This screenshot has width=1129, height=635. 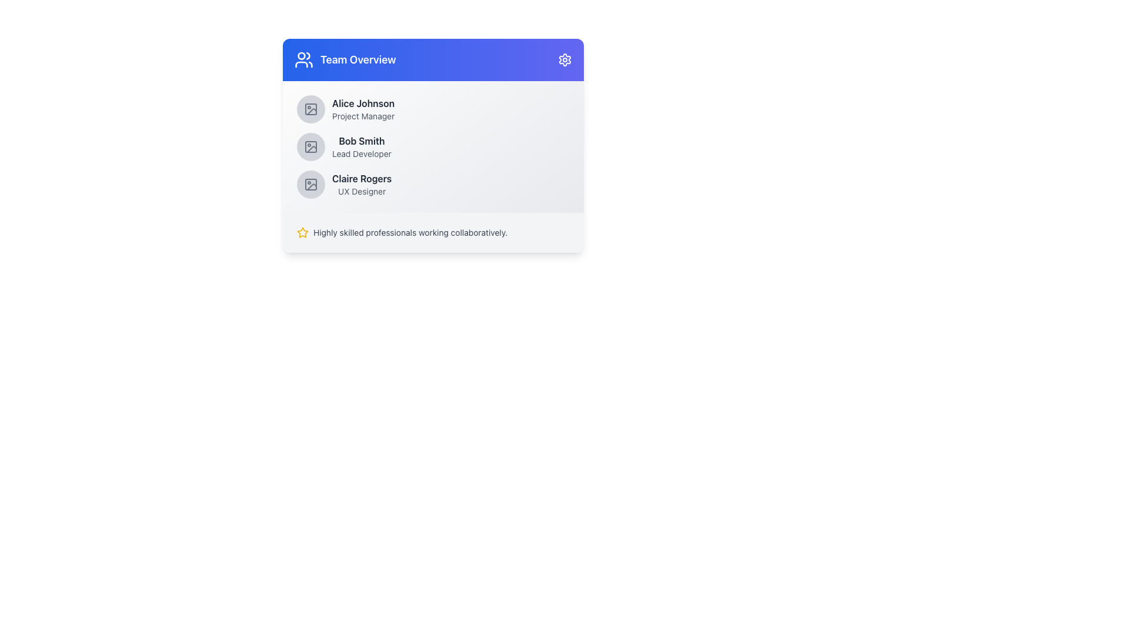 I want to click on the third list item in the vertical list that displays the name and role of an individual, so click(x=433, y=184).